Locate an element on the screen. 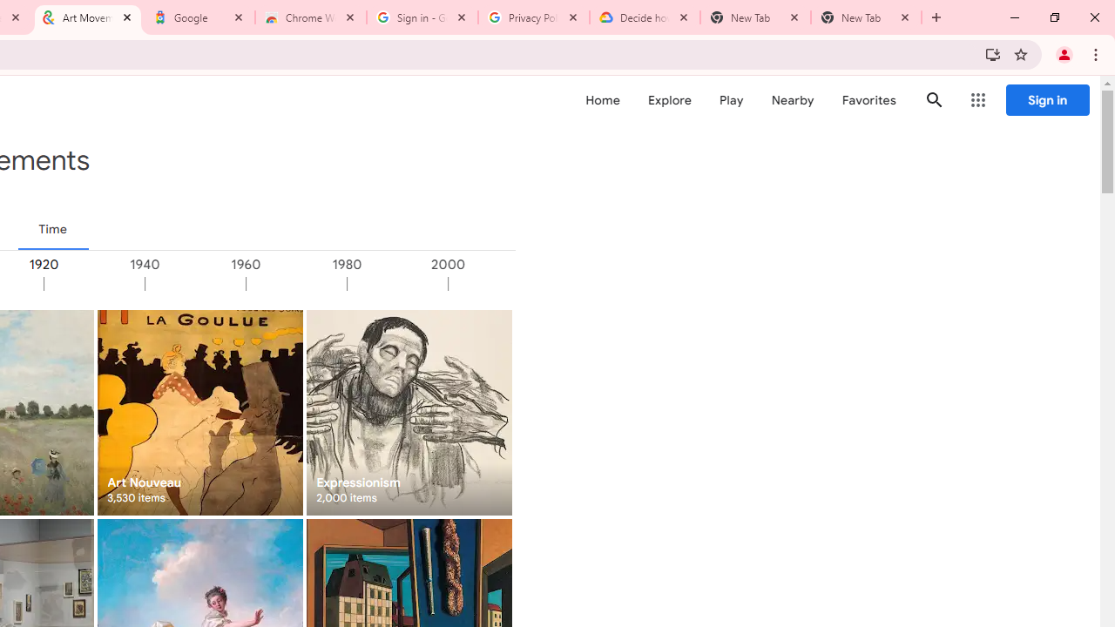  'Explore' is located at coordinates (668, 100).